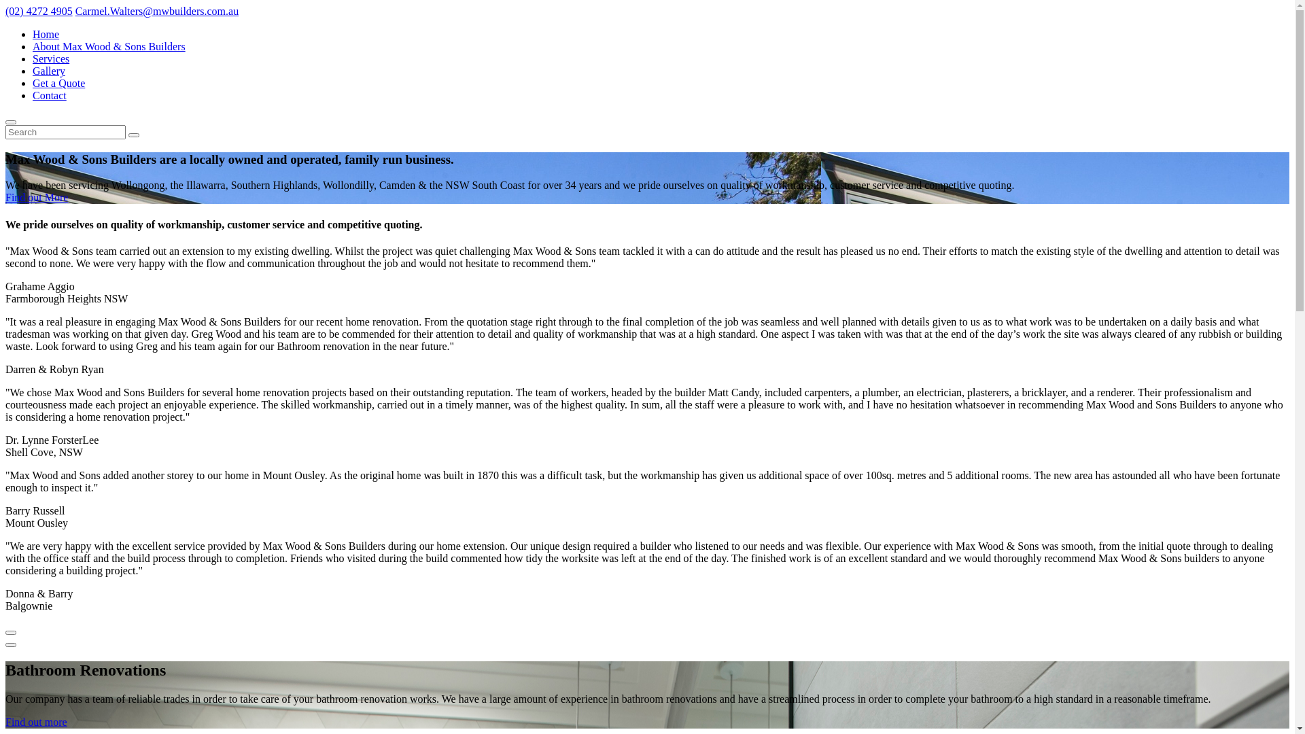  I want to click on 'Gallery', so click(33, 71).